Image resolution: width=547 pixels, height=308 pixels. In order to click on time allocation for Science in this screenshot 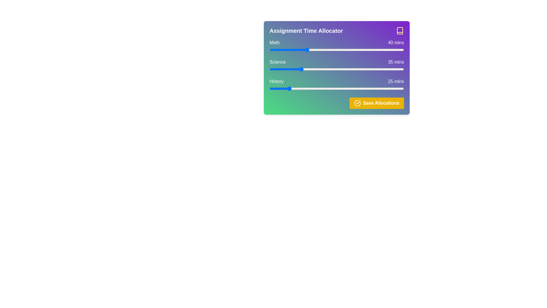, I will do `click(302, 69)`.